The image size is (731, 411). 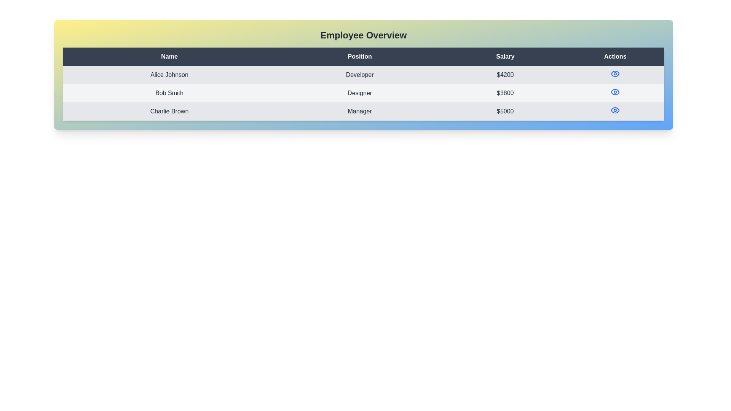 I want to click on text from the Text label displaying 'Alice Johnson', which is located in the first row under the 'Name' column of the table, so click(x=169, y=75).